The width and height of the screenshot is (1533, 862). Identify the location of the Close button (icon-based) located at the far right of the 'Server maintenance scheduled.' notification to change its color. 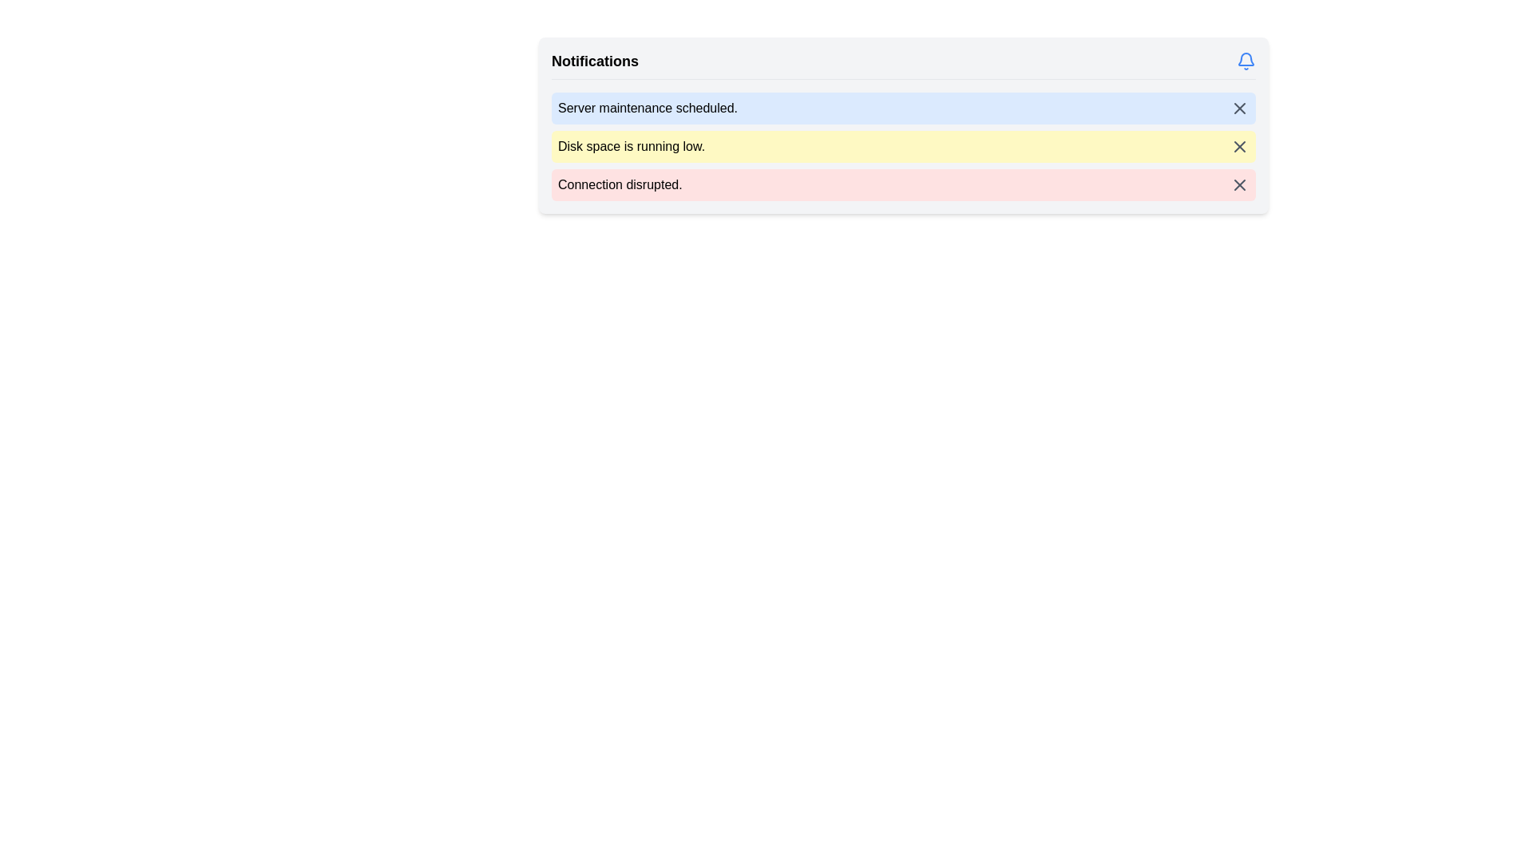
(1239, 108).